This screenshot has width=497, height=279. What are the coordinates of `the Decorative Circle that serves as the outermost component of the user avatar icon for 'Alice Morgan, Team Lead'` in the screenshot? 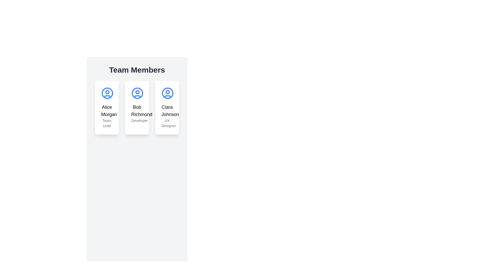 It's located at (107, 93).